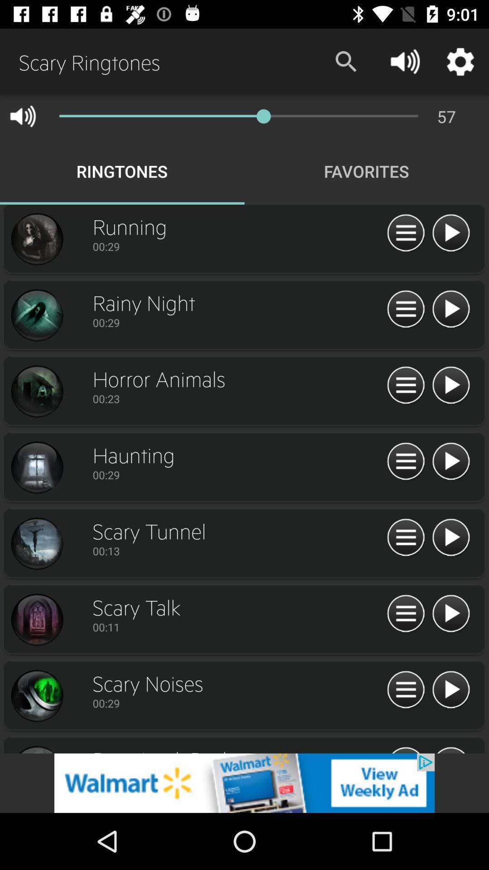  Describe the element at coordinates (36, 391) in the screenshot. I see `ringtone` at that location.